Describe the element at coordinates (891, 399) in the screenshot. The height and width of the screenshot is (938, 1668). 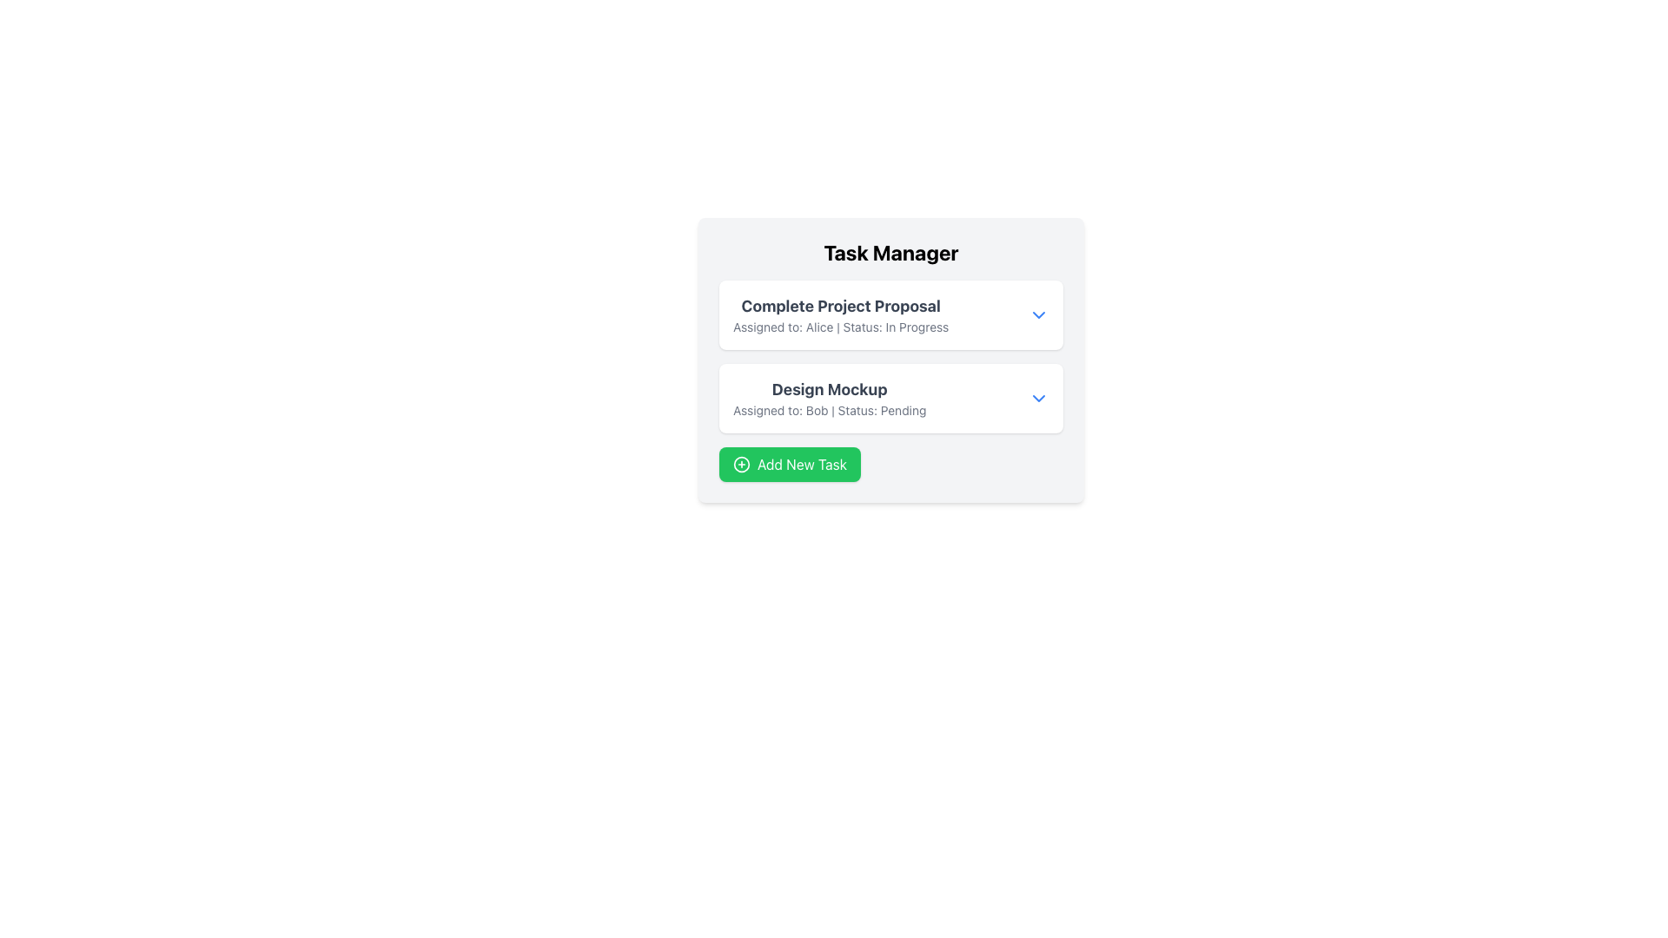
I see `the blue arrow of the Information Display Block with Dropdown Indicator` at that location.